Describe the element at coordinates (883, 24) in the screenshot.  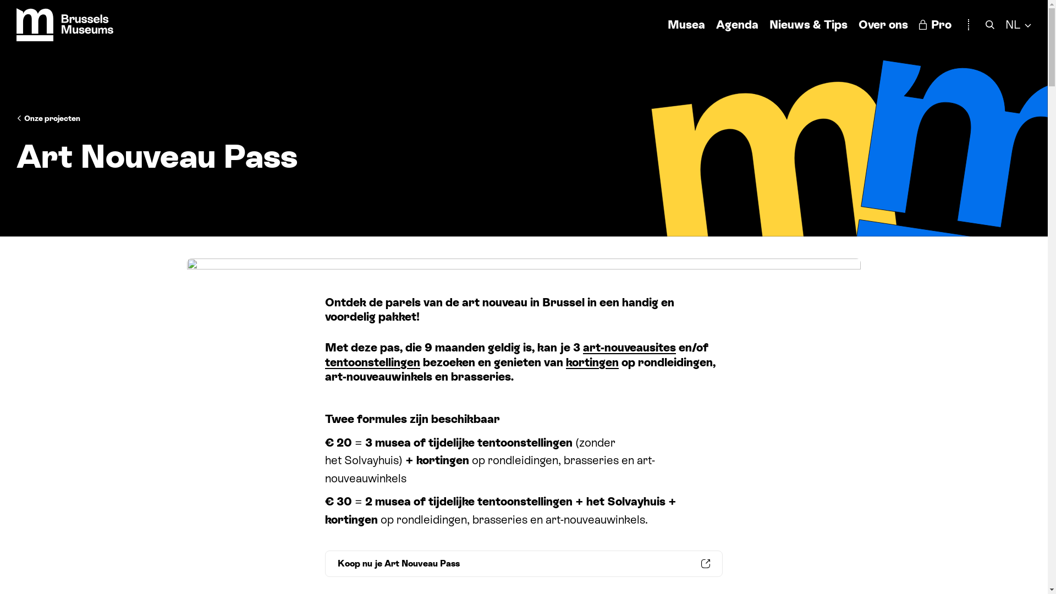
I see `'Over ons'` at that location.